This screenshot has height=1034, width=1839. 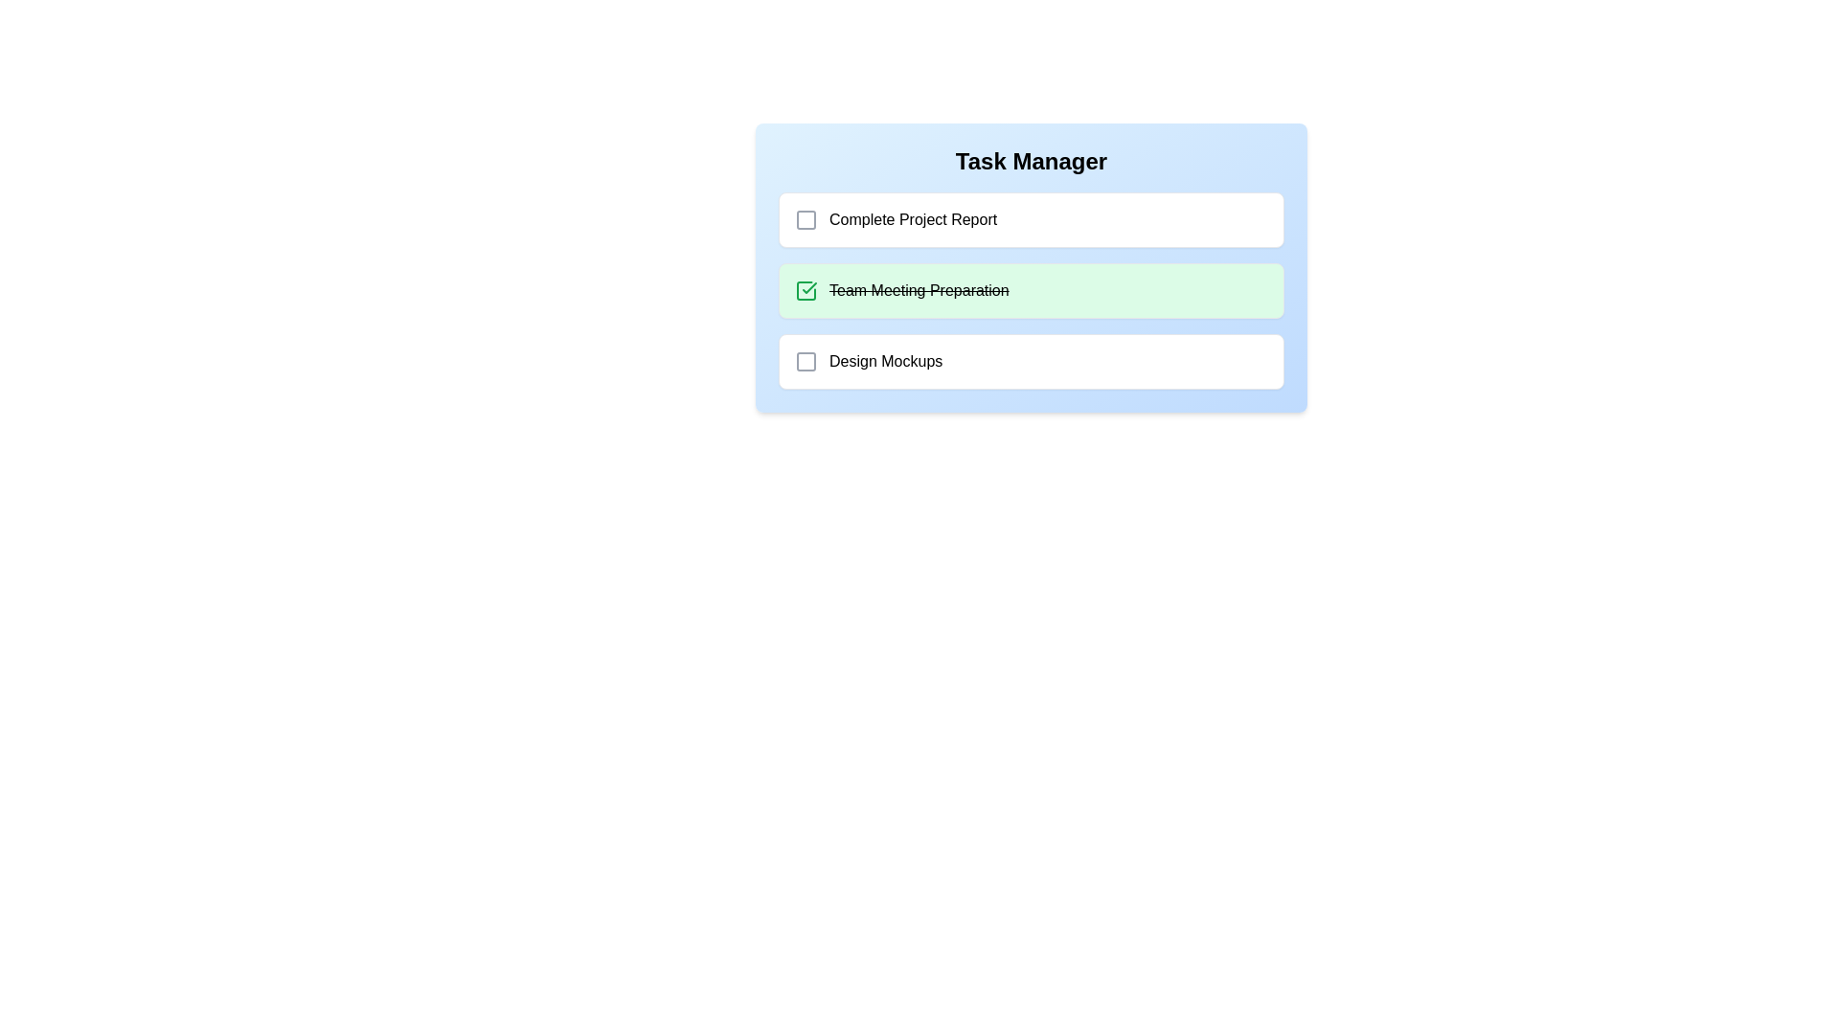 I want to click on the checkbox icon representing the task 'Design Mockups' to interact with it, so click(x=806, y=362).